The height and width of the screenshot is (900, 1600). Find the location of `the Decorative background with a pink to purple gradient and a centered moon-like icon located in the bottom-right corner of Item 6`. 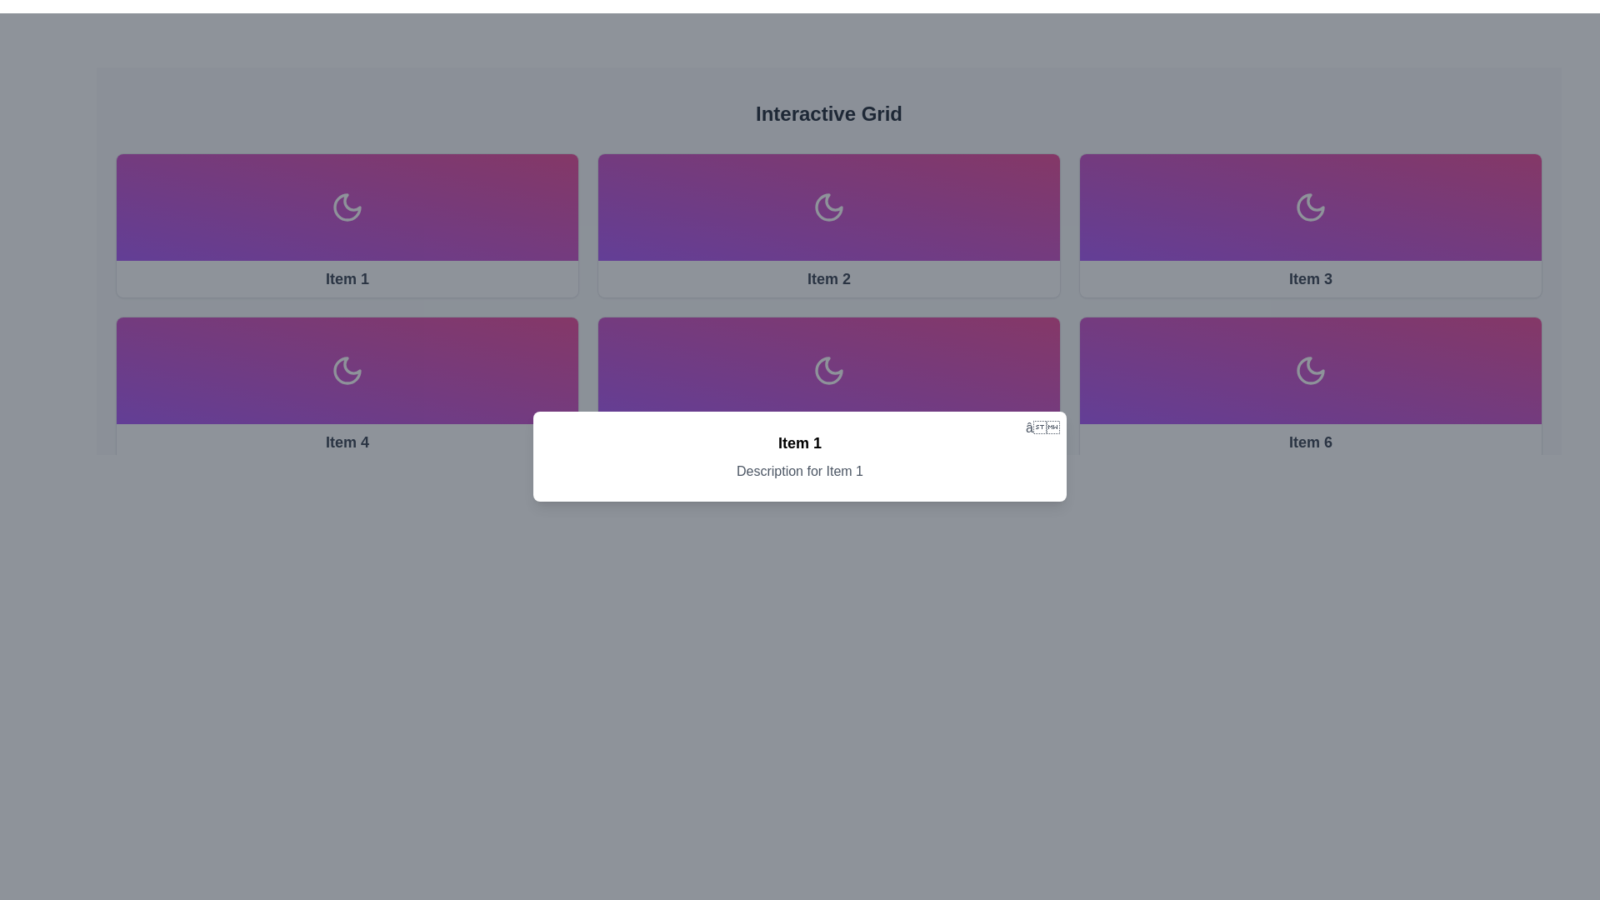

the Decorative background with a pink to purple gradient and a centered moon-like icon located in the bottom-right corner of Item 6 is located at coordinates (1310, 369).